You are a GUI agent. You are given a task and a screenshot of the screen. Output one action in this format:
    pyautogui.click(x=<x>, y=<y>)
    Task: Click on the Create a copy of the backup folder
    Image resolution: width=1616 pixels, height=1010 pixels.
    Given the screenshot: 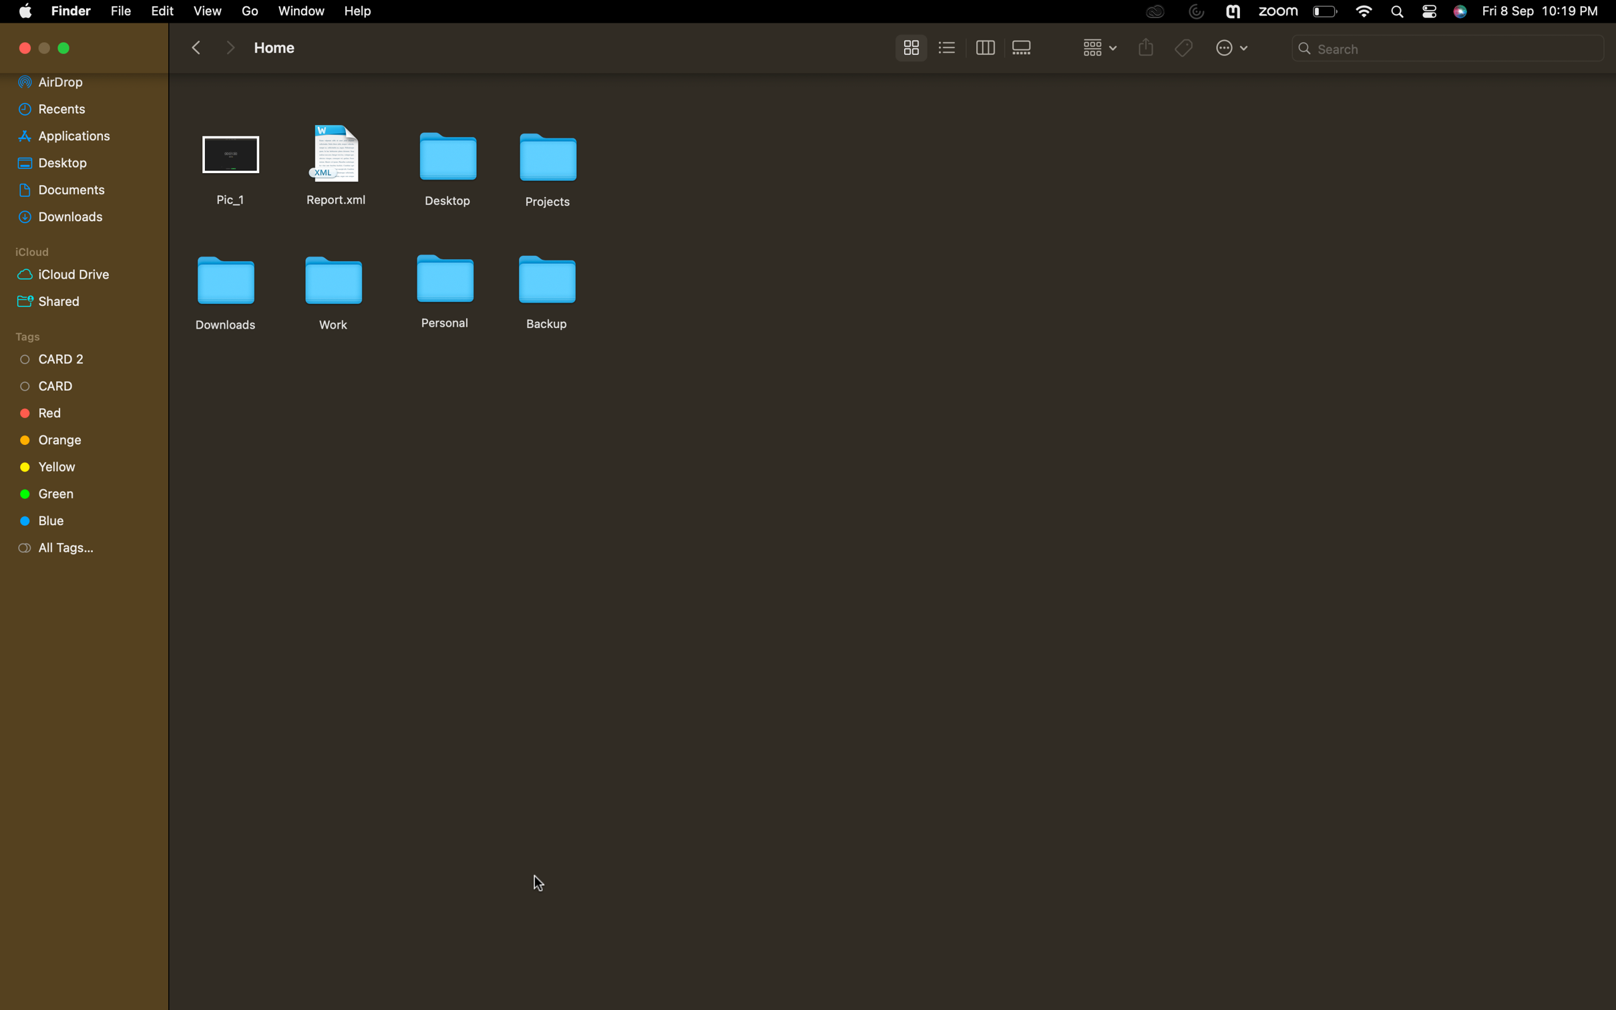 What is the action you would take?
    pyautogui.click(x=547, y=289)
    